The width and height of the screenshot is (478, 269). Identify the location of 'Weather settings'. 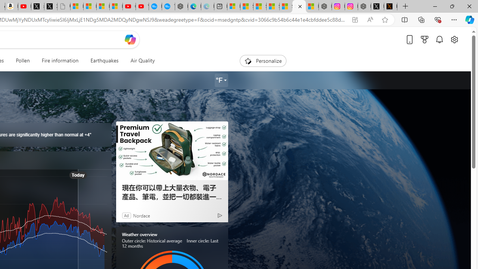
(221, 80).